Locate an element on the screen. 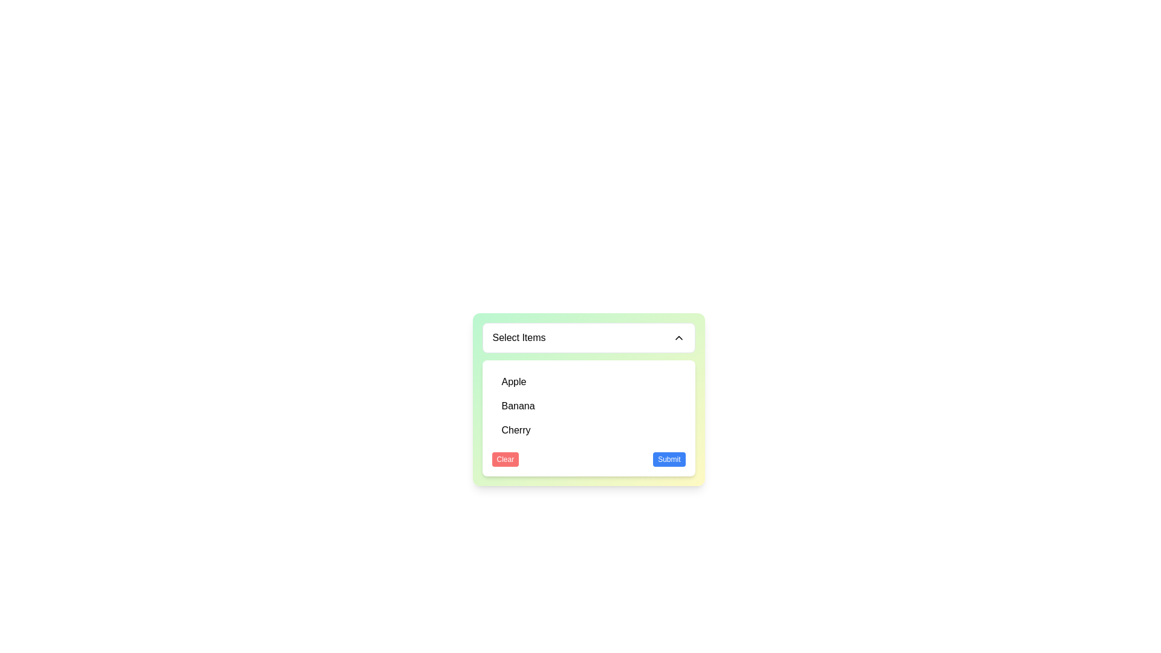 Image resolution: width=1161 pixels, height=653 pixels. the 'Clear' button, which has a red background and white text, positioned at the bottom left of the bordered box containing the dropdown menu is located at coordinates (505, 459).